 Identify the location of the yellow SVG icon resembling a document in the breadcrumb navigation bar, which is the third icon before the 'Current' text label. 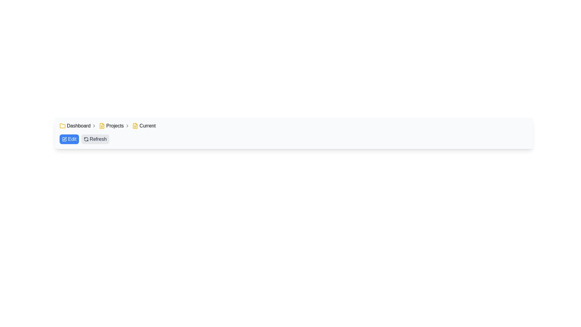
(135, 126).